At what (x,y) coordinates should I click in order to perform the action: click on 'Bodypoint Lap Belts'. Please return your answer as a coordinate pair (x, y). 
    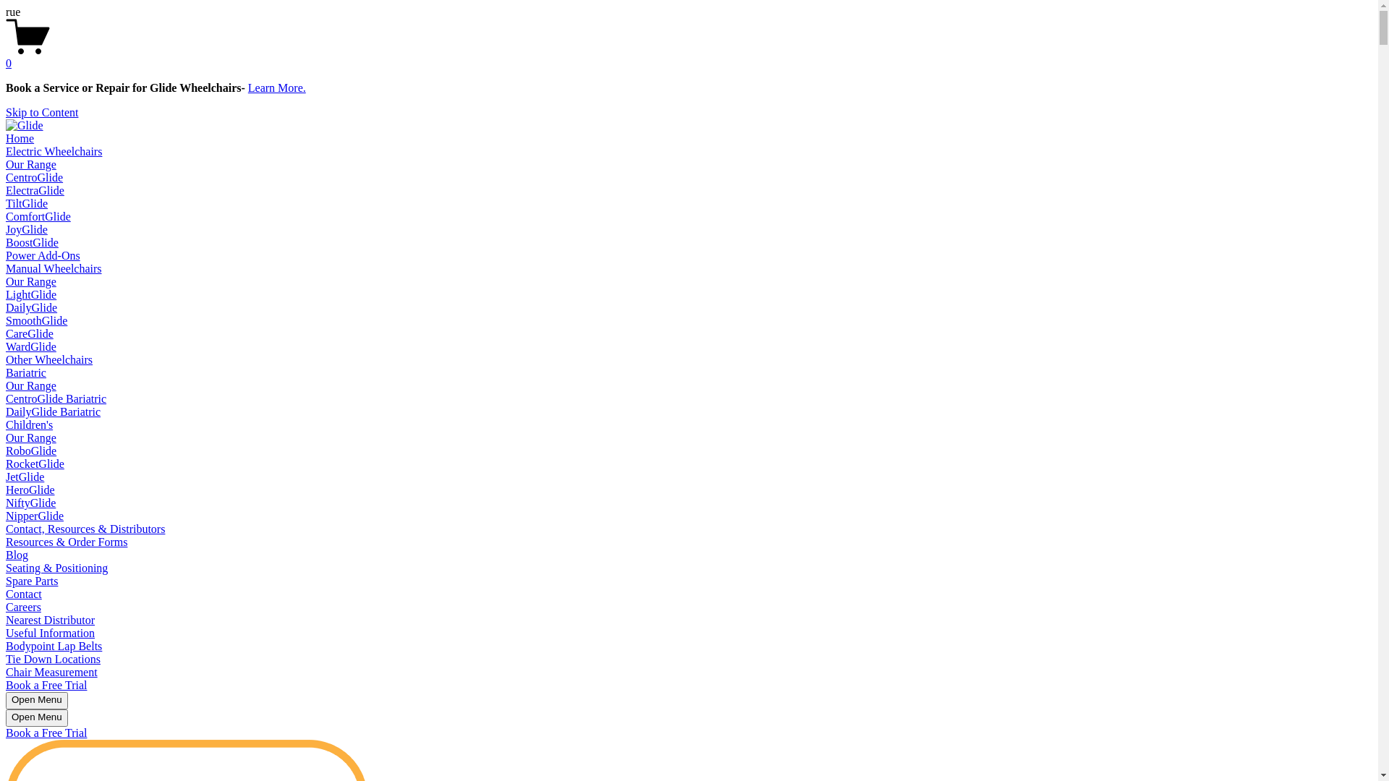
    Looking at the image, I should click on (54, 645).